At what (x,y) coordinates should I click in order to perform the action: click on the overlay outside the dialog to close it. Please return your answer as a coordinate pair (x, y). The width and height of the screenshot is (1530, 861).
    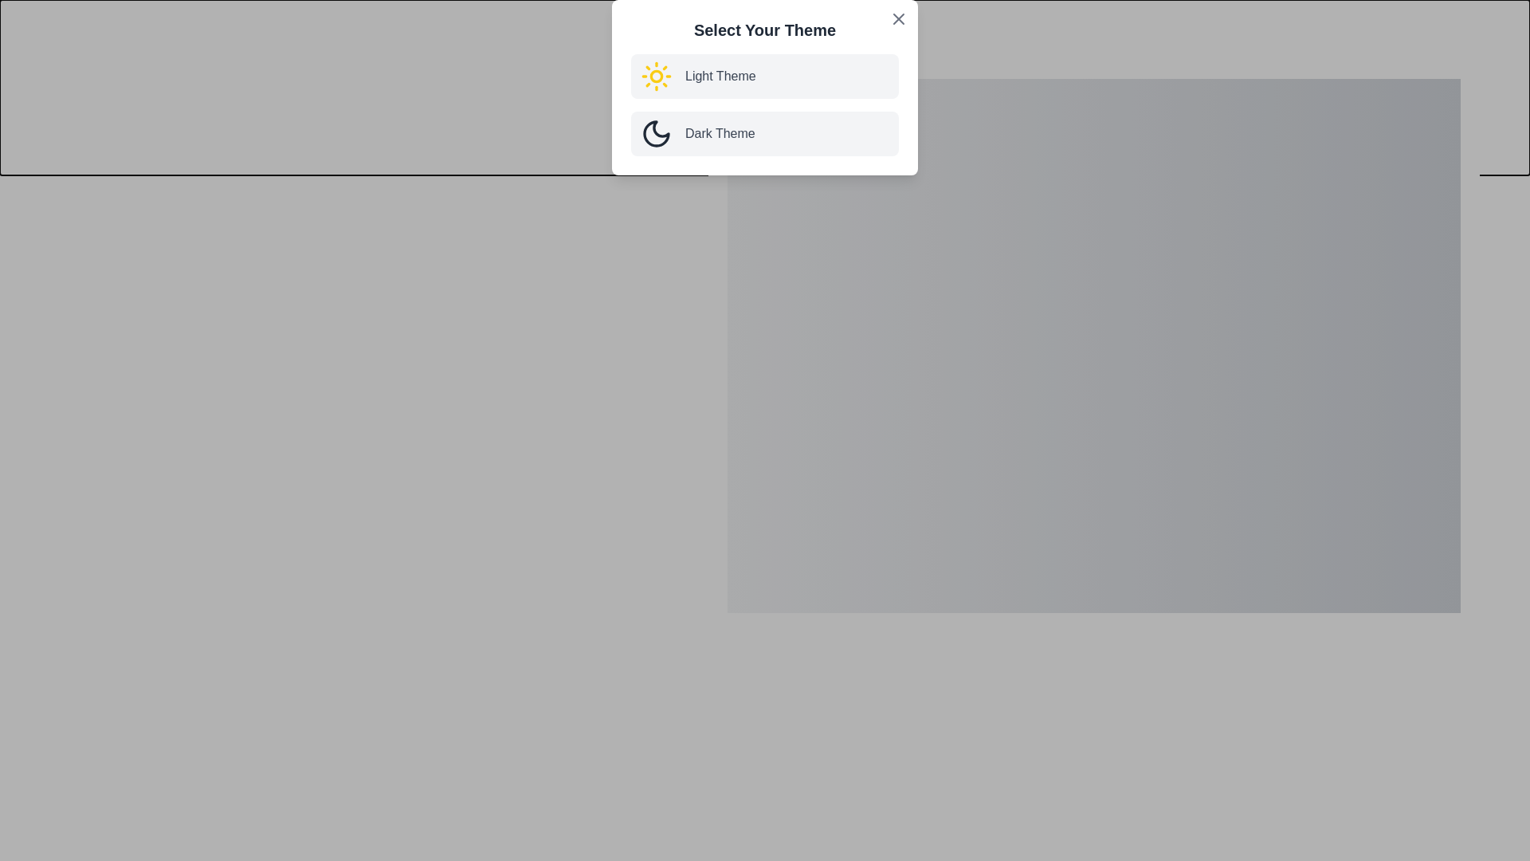
    Looking at the image, I should click on (398, 398).